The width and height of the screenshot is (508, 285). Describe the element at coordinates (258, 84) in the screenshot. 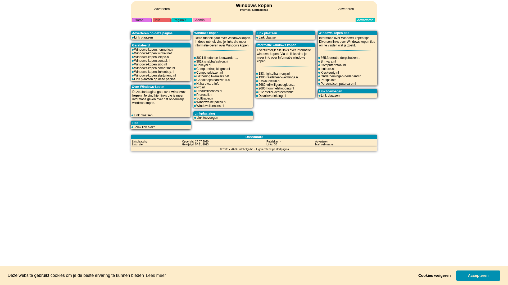

I see `'2682.vrijwilligerslegioen...'` at that location.